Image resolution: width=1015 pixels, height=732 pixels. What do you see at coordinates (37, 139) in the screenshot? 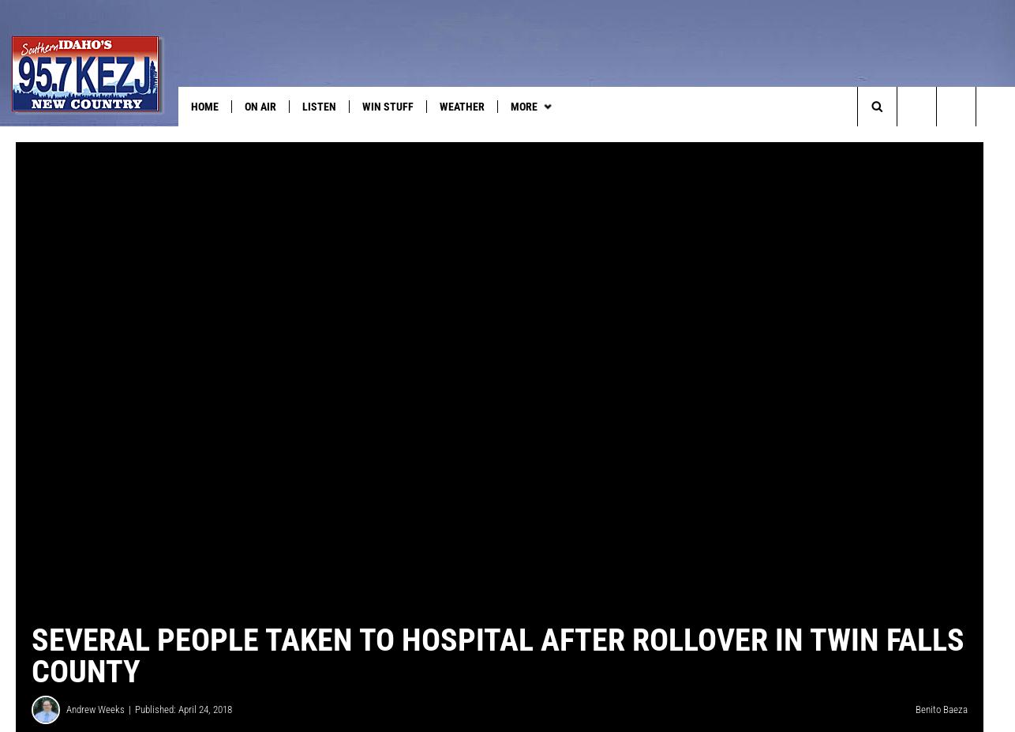
I see `'Trending:'` at bounding box center [37, 139].